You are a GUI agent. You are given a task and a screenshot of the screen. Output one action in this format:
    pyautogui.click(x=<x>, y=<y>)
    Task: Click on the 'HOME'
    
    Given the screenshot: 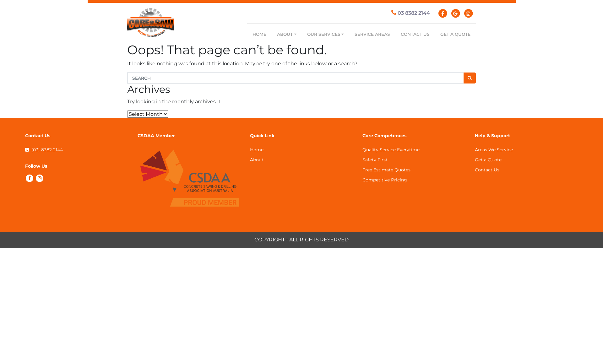 What is the action you would take?
    pyautogui.click(x=247, y=34)
    